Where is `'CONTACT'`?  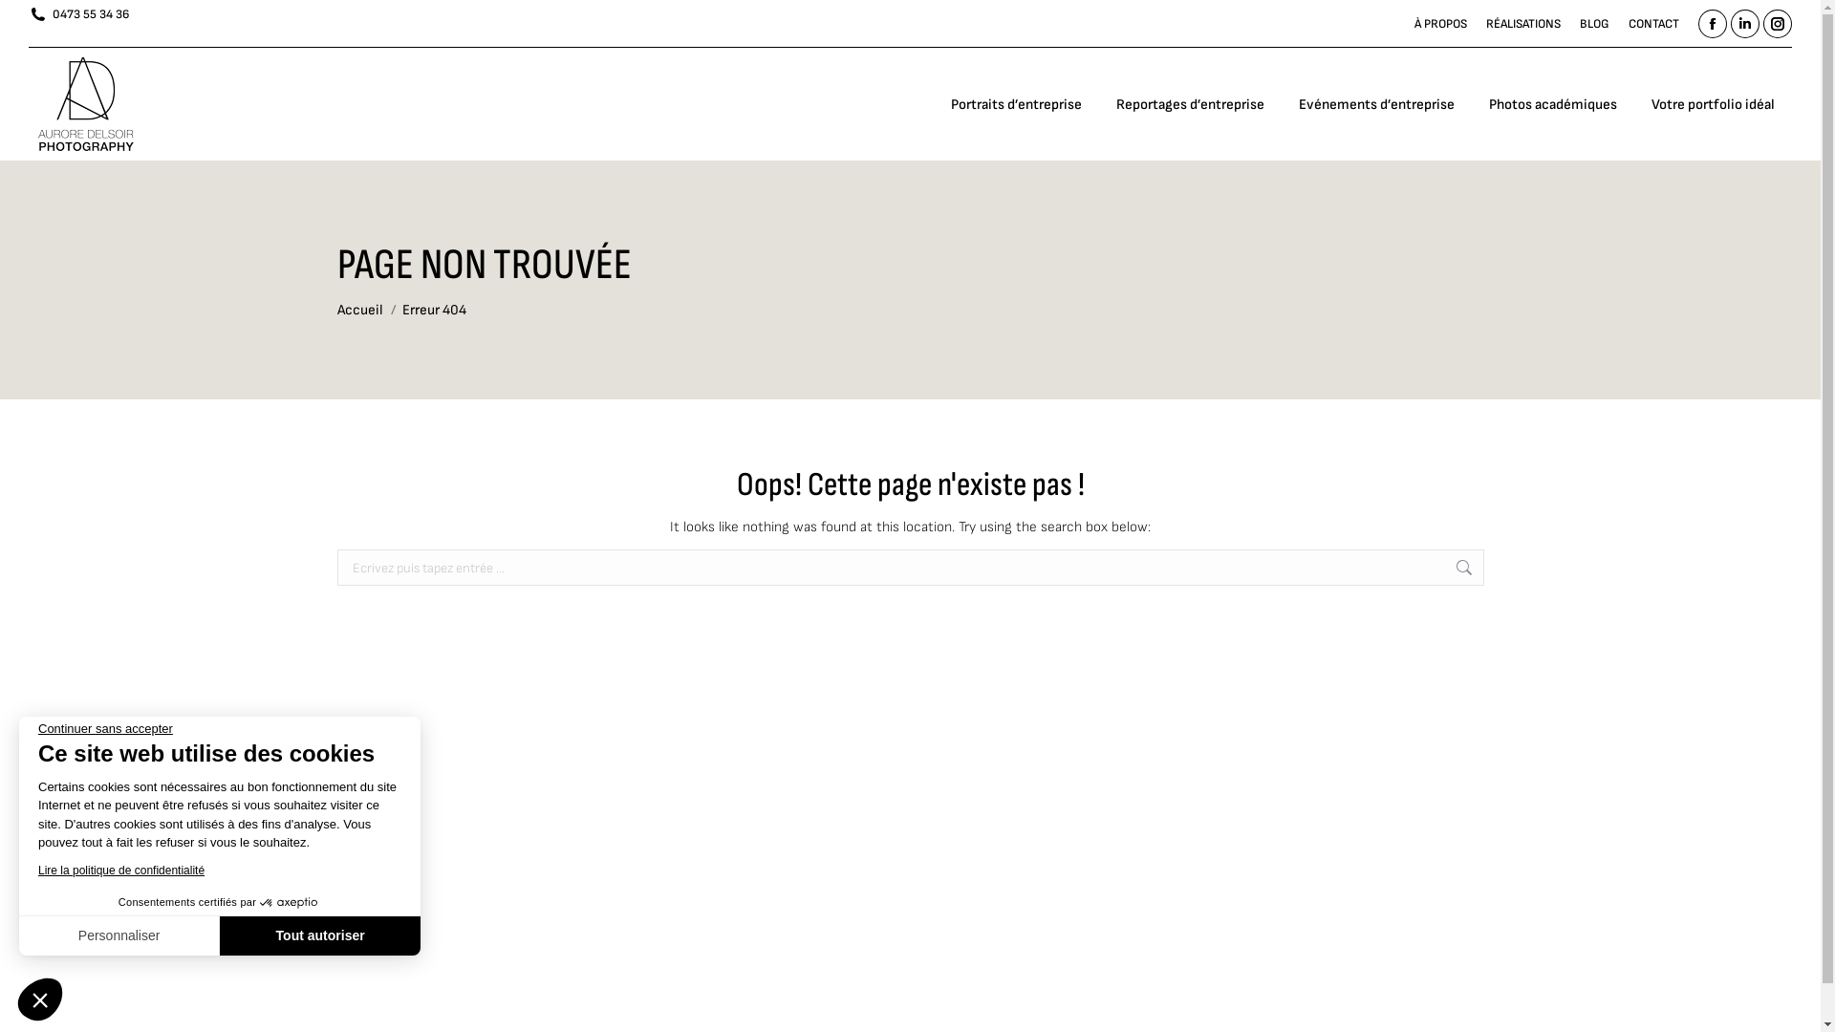 'CONTACT' is located at coordinates (1652, 24).